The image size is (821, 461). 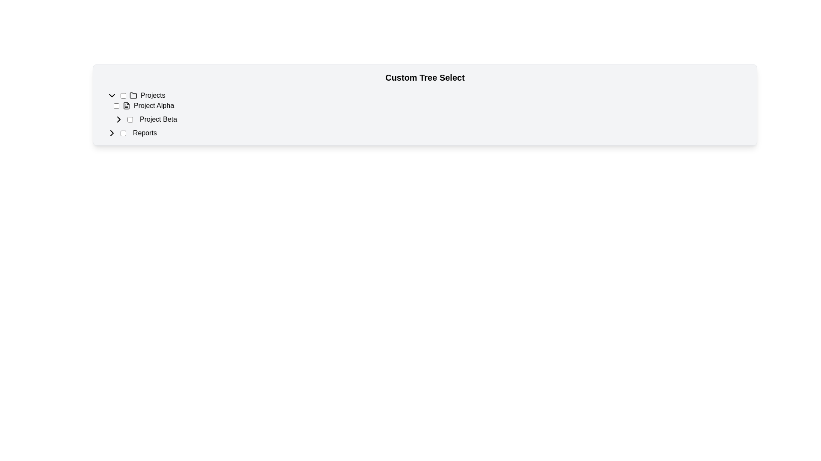 What do you see at coordinates (118, 120) in the screenshot?
I see `the chevron arrow icon next to 'Project Beta' to interact with related contexts in the hierarchical tree structure` at bounding box center [118, 120].